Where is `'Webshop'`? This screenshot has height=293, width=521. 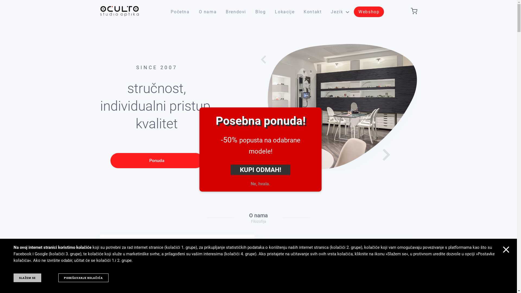
'Webshop' is located at coordinates (369, 12).